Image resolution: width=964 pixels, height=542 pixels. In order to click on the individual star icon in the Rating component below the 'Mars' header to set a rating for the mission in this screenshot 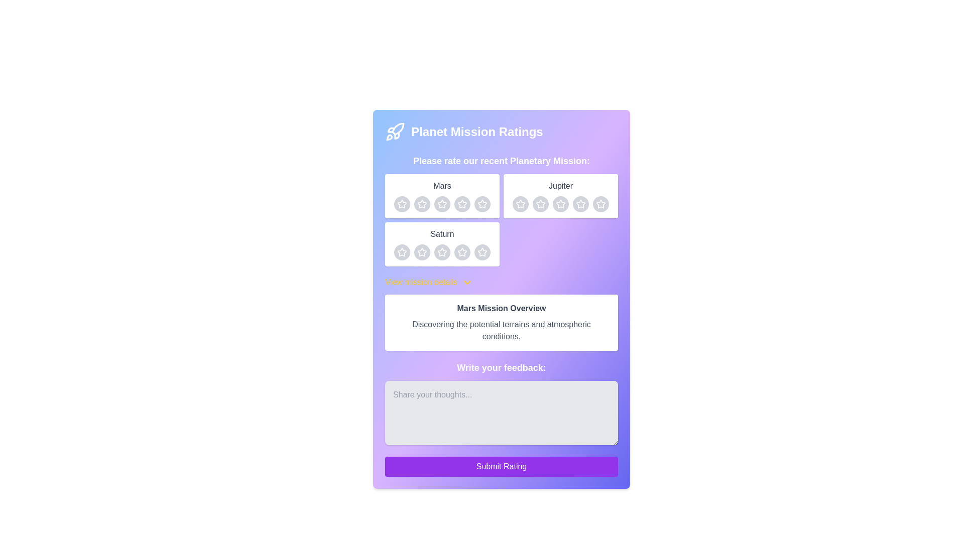, I will do `click(442, 204)`.